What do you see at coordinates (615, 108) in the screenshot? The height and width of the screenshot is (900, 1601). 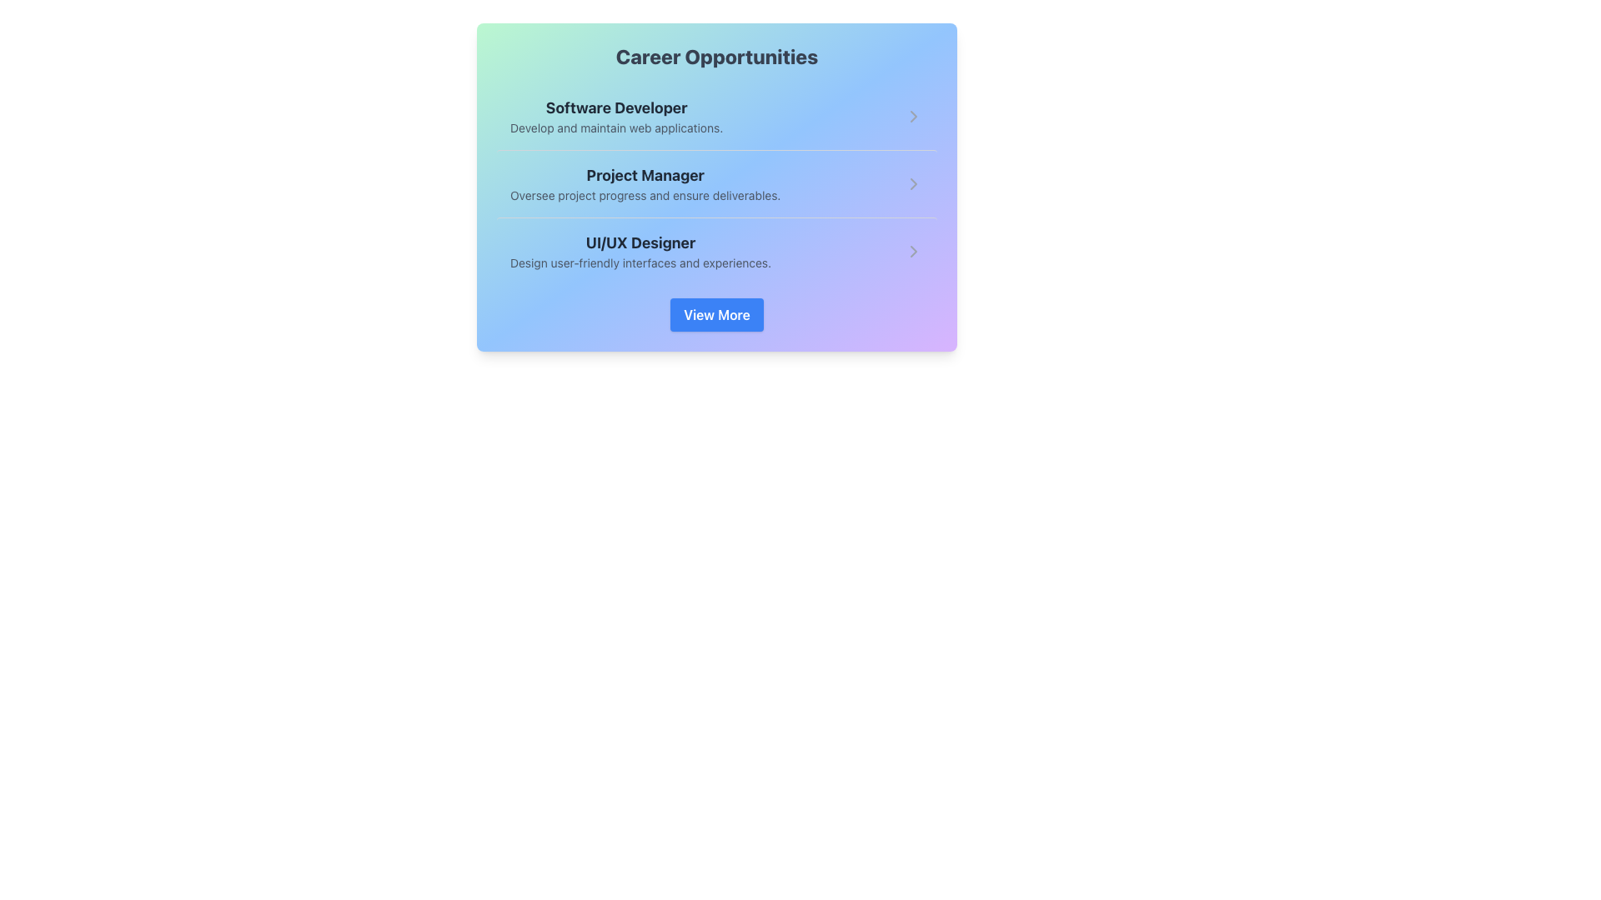 I see `text from the header label identifying the job title 'Software Developer', which is the first item in the 'Career Opportunities' section` at bounding box center [615, 108].